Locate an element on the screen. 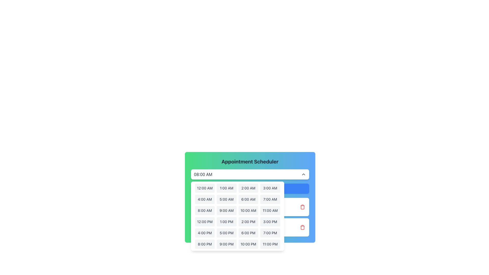 This screenshot has width=489, height=275. the rounded rectangular button labeled '5:00 PM' is located at coordinates (226, 233).